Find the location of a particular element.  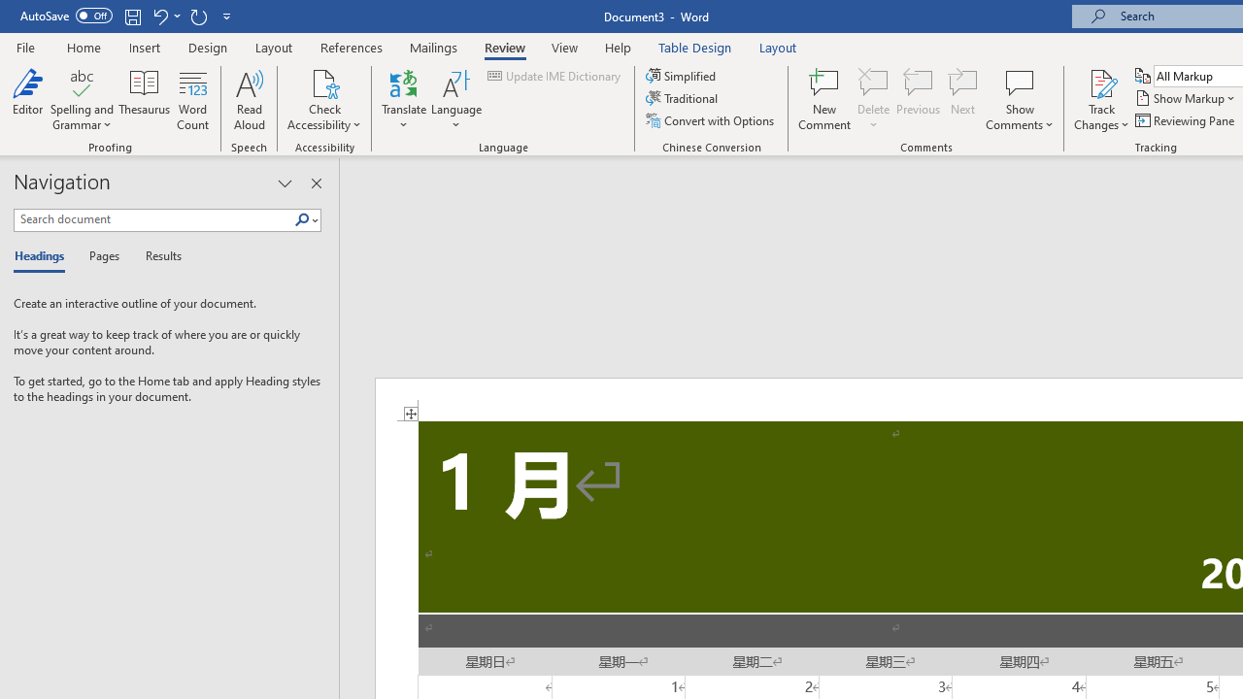

'Read Aloud' is located at coordinates (248, 100).